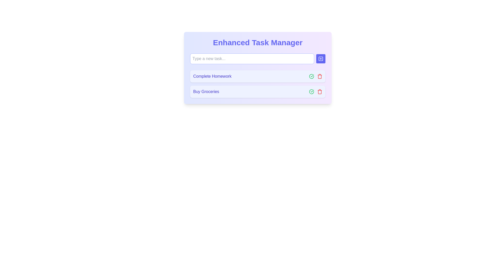 The height and width of the screenshot is (276, 492). What do you see at coordinates (321, 59) in the screenshot?
I see `the compact square icon with a plus sign (+) located at the center of the purple button, which is positioned immediately to the right of the text input field` at bounding box center [321, 59].